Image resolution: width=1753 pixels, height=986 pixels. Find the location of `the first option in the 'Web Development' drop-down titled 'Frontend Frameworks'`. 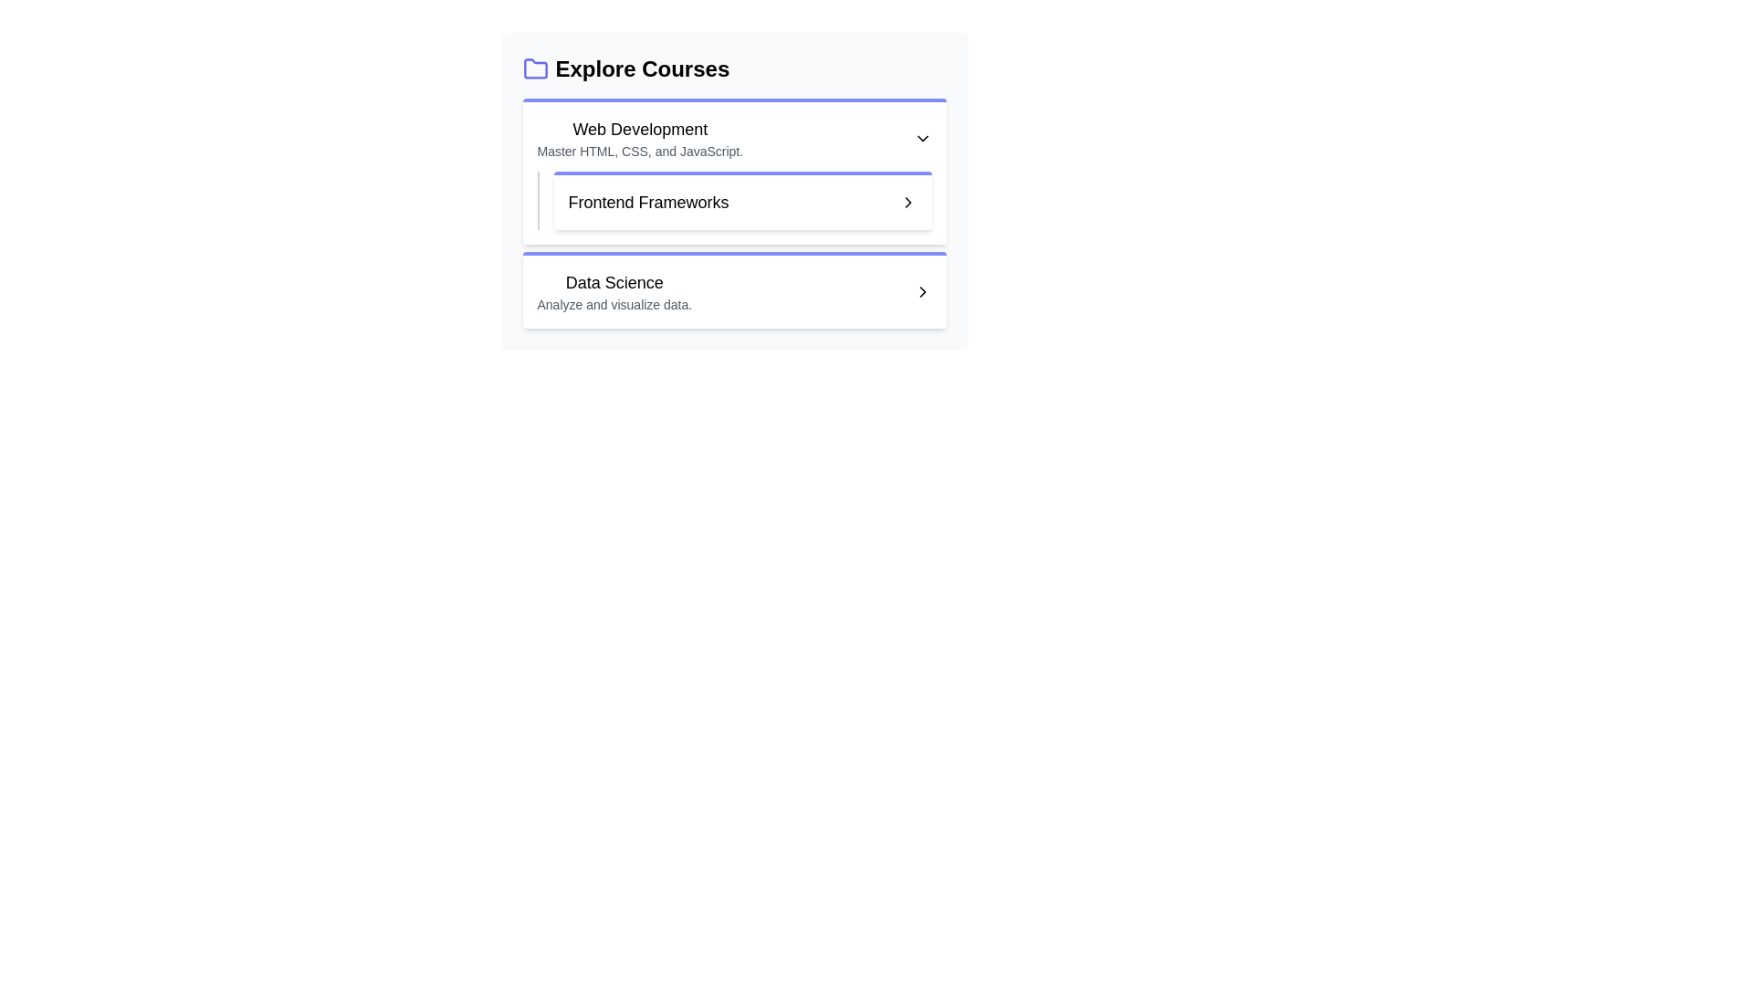

the first option in the 'Web Development' drop-down titled 'Frontend Frameworks' is located at coordinates (742, 203).